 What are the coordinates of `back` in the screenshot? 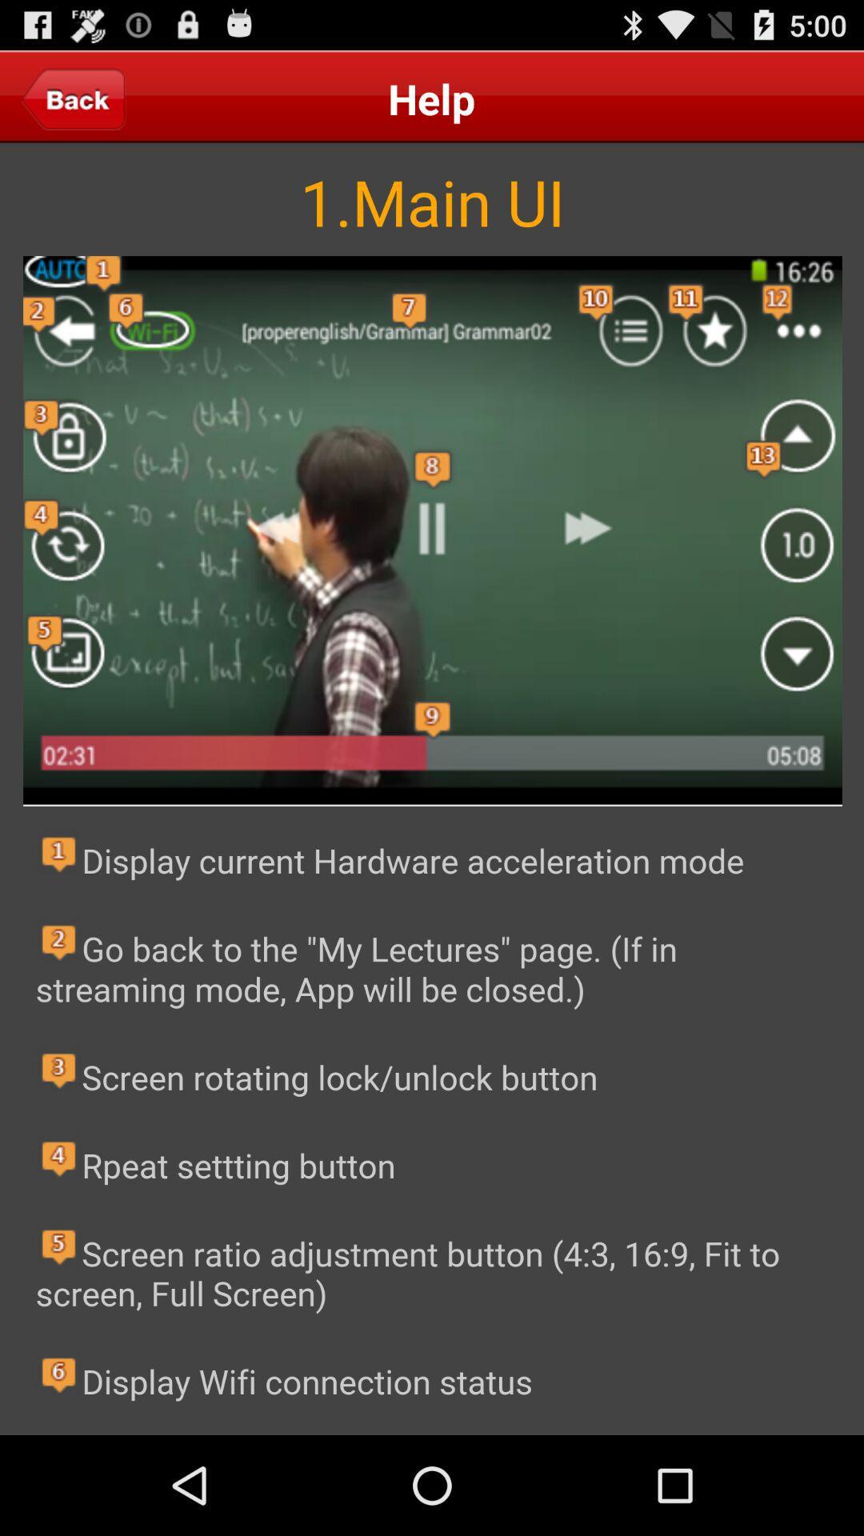 It's located at (73, 98).